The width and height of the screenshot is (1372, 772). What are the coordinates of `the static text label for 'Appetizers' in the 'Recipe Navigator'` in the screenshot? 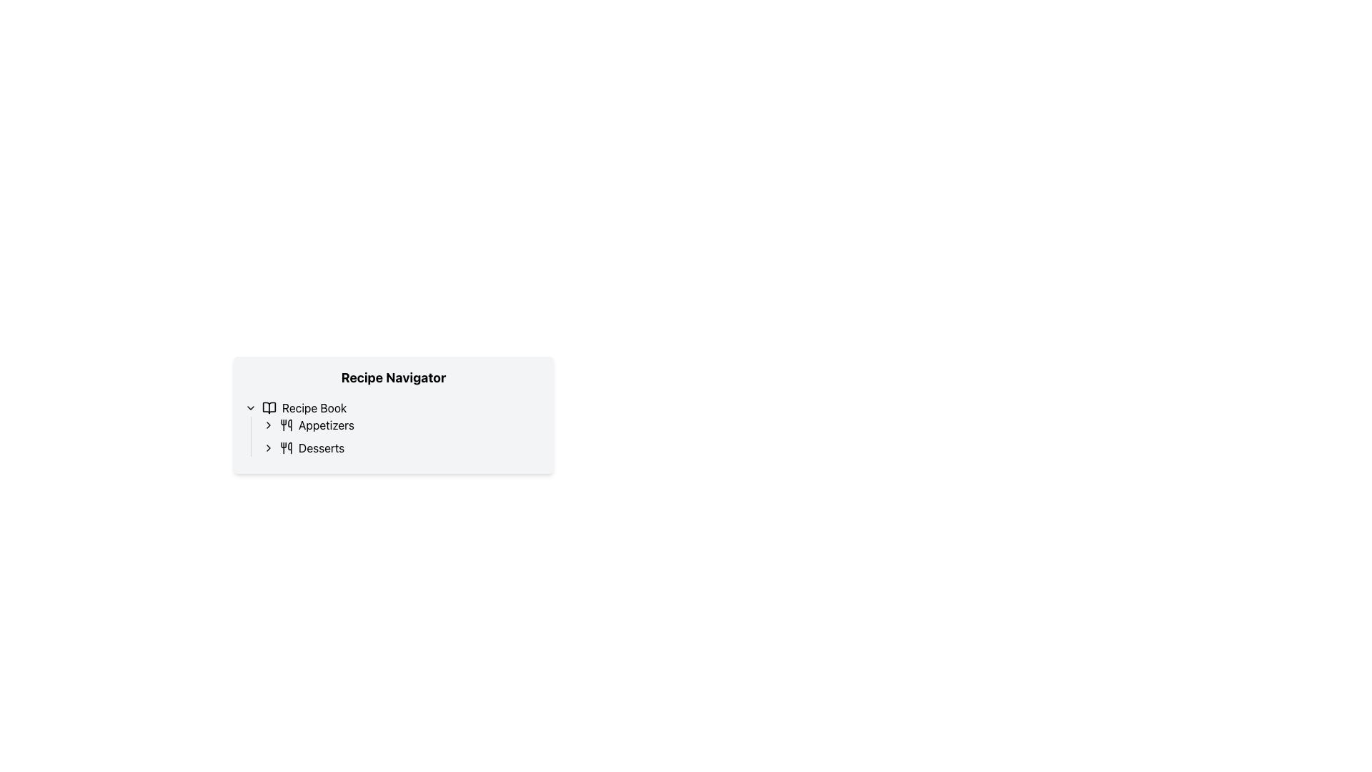 It's located at (325, 424).